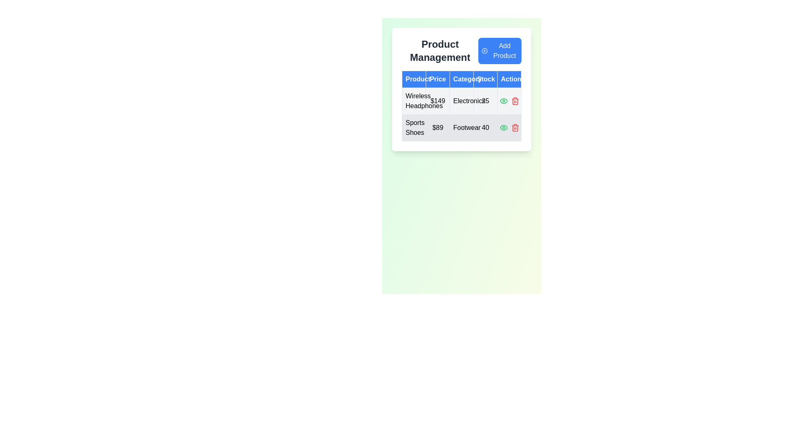 The height and width of the screenshot is (444, 789). What do you see at coordinates (503, 101) in the screenshot?
I see `the outer semicircular shape of the eye icon in the 'Action' column of the second row next to the 'Sports Shoes' entry` at bounding box center [503, 101].